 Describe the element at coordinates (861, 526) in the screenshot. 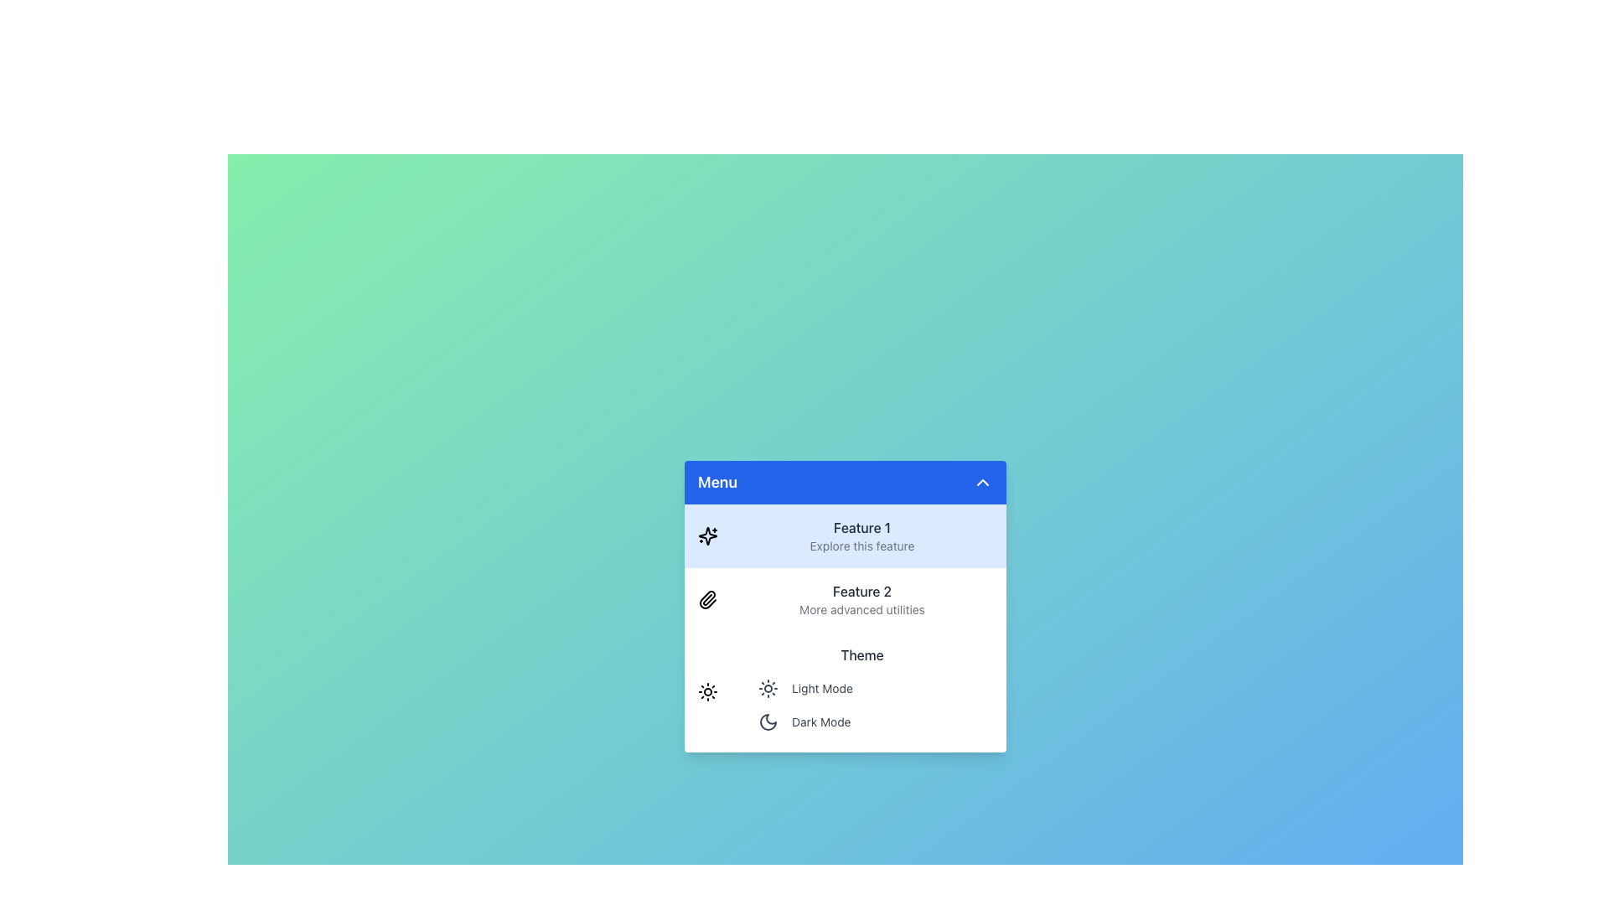

I see `the static text label displaying 'Feature 1' which is located at the top of the menu panel, indicating the first feature in the list` at that location.